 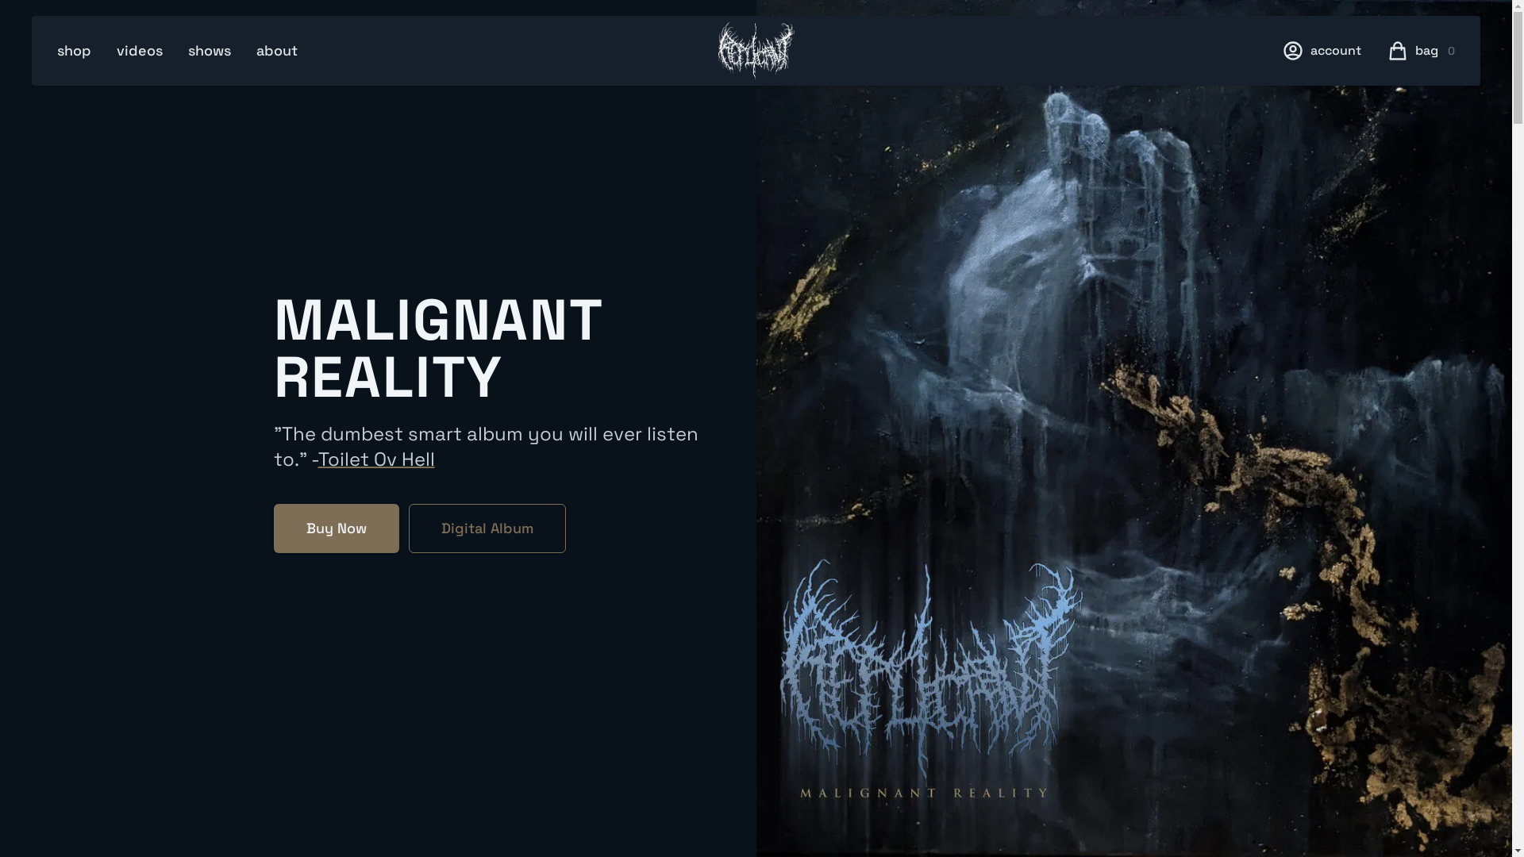 I want to click on 'videos', so click(x=140, y=50).